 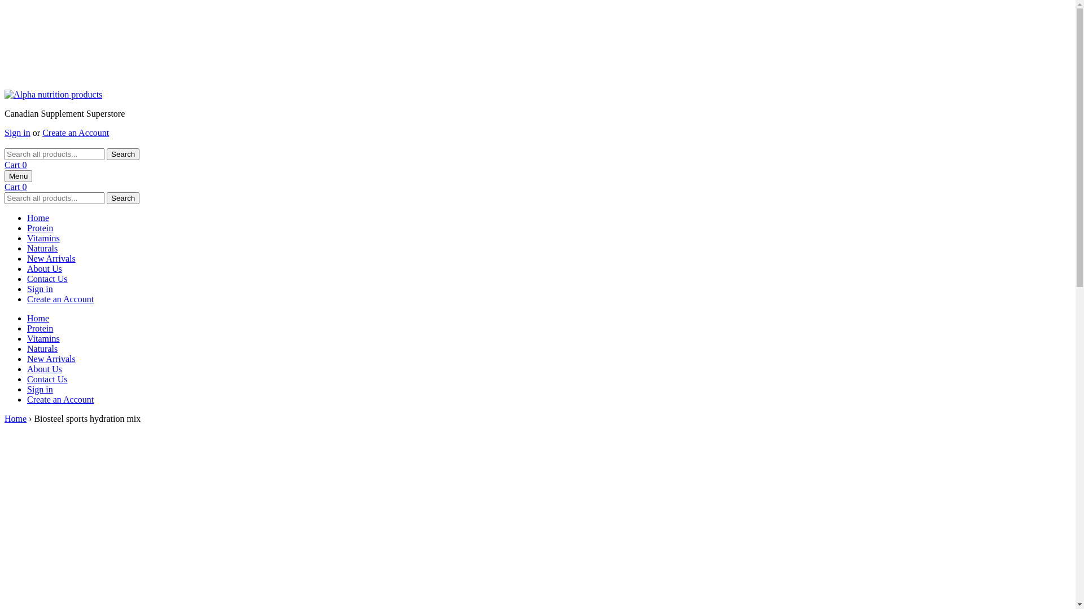 I want to click on 'Home', so click(x=38, y=318).